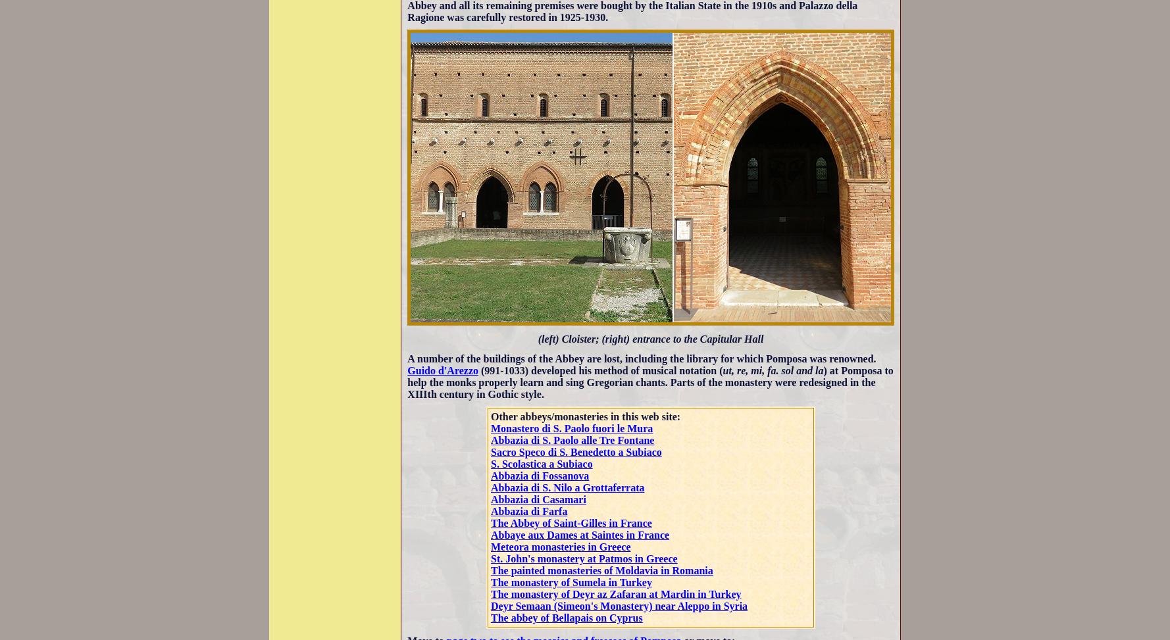 This screenshot has width=1170, height=640. Describe the element at coordinates (567, 487) in the screenshot. I see `'Abbazia di S. Nilo a Grottaferrata'` at that location.